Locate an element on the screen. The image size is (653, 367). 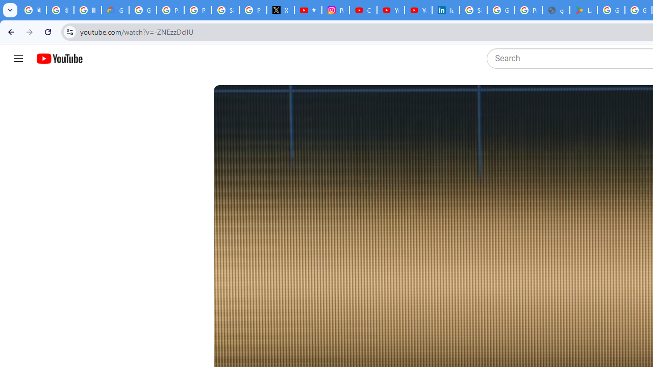
'google_privacy_policy_en.pdf' is located at coordinates (555, 10).